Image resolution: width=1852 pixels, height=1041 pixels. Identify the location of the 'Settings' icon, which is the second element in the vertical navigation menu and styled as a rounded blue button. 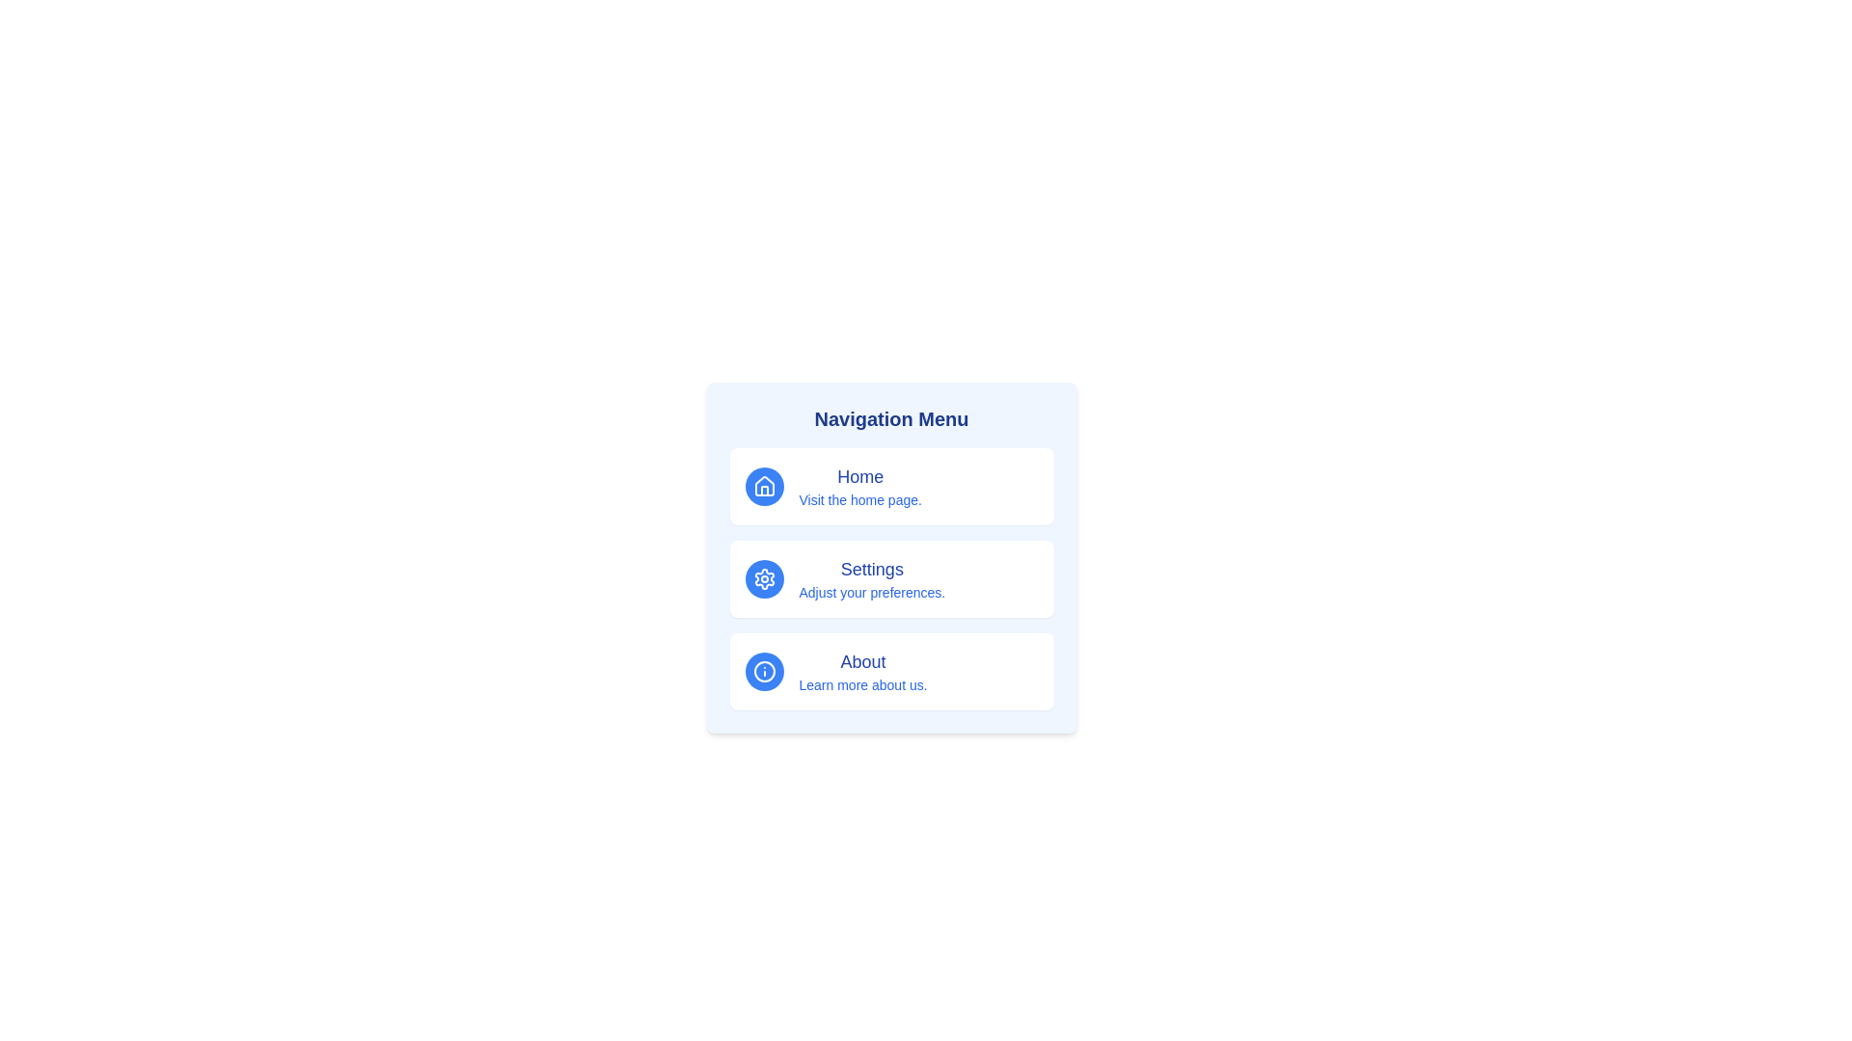
(763, 578).